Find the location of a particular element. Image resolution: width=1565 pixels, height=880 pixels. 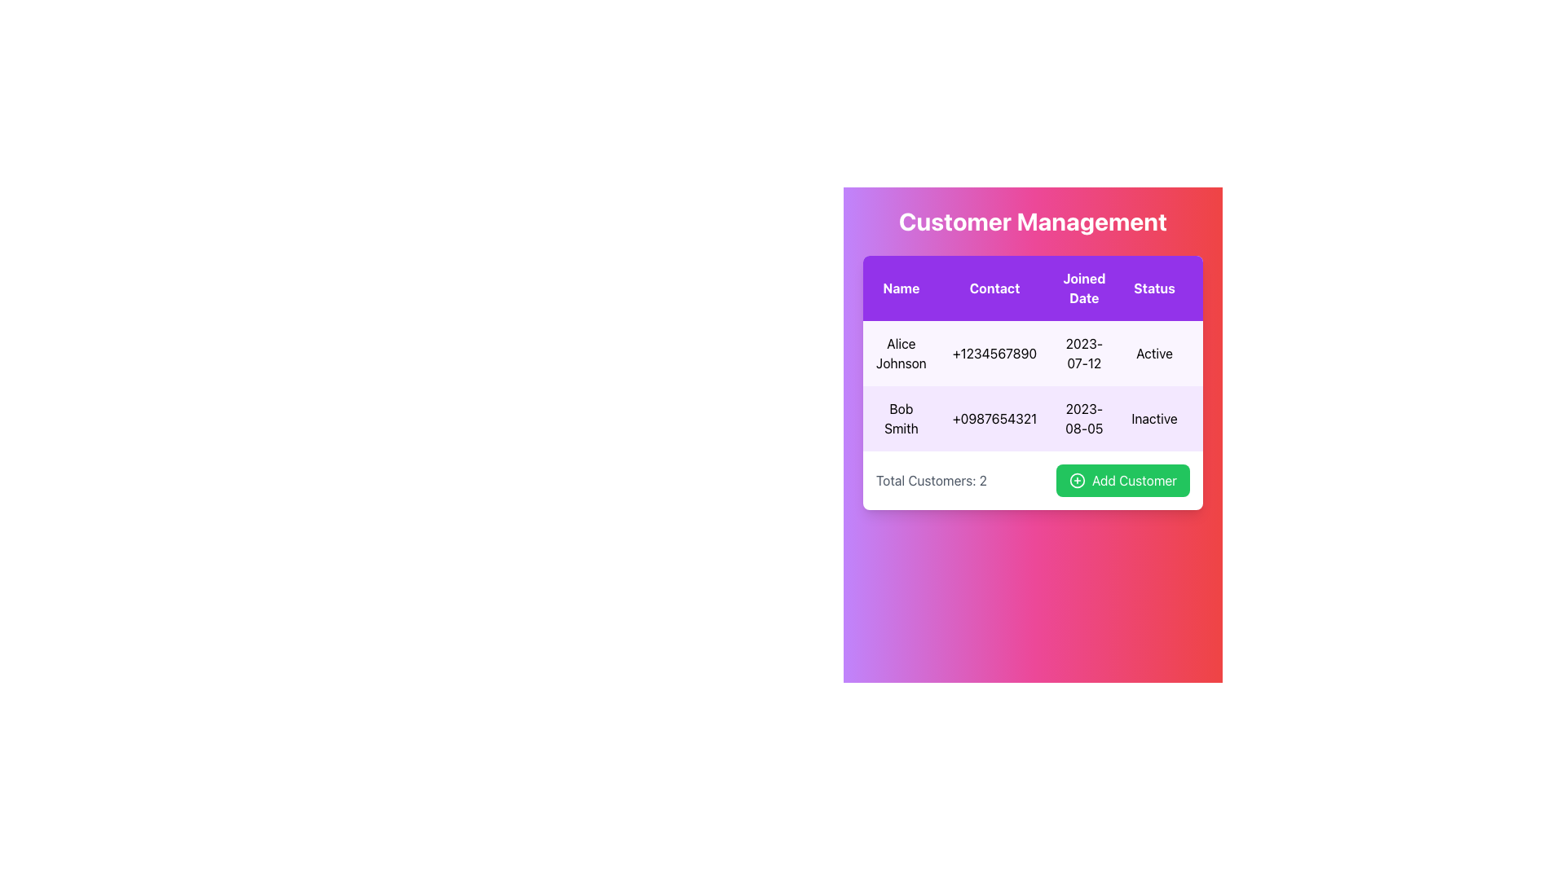

the pen icon styled in SVG format located adjacent to the 'Status' column is located at coordinates (1216, 351).